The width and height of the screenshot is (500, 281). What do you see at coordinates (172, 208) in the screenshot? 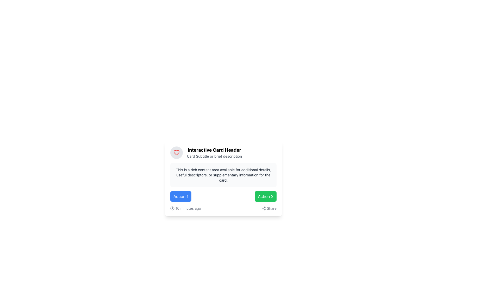
I see `visual details of the circle representing the frame of the clock icon located at the bottom-left of the card component` at bounding box center [172, 208].